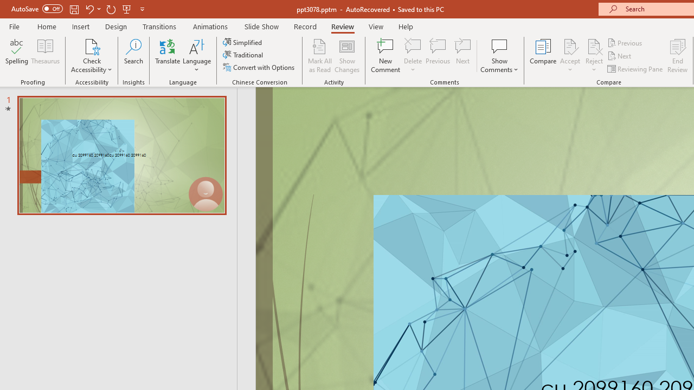 The height and width of the screenshot is (390, 694). I want to click on 'Reviewing Pane', so click(636, 69).